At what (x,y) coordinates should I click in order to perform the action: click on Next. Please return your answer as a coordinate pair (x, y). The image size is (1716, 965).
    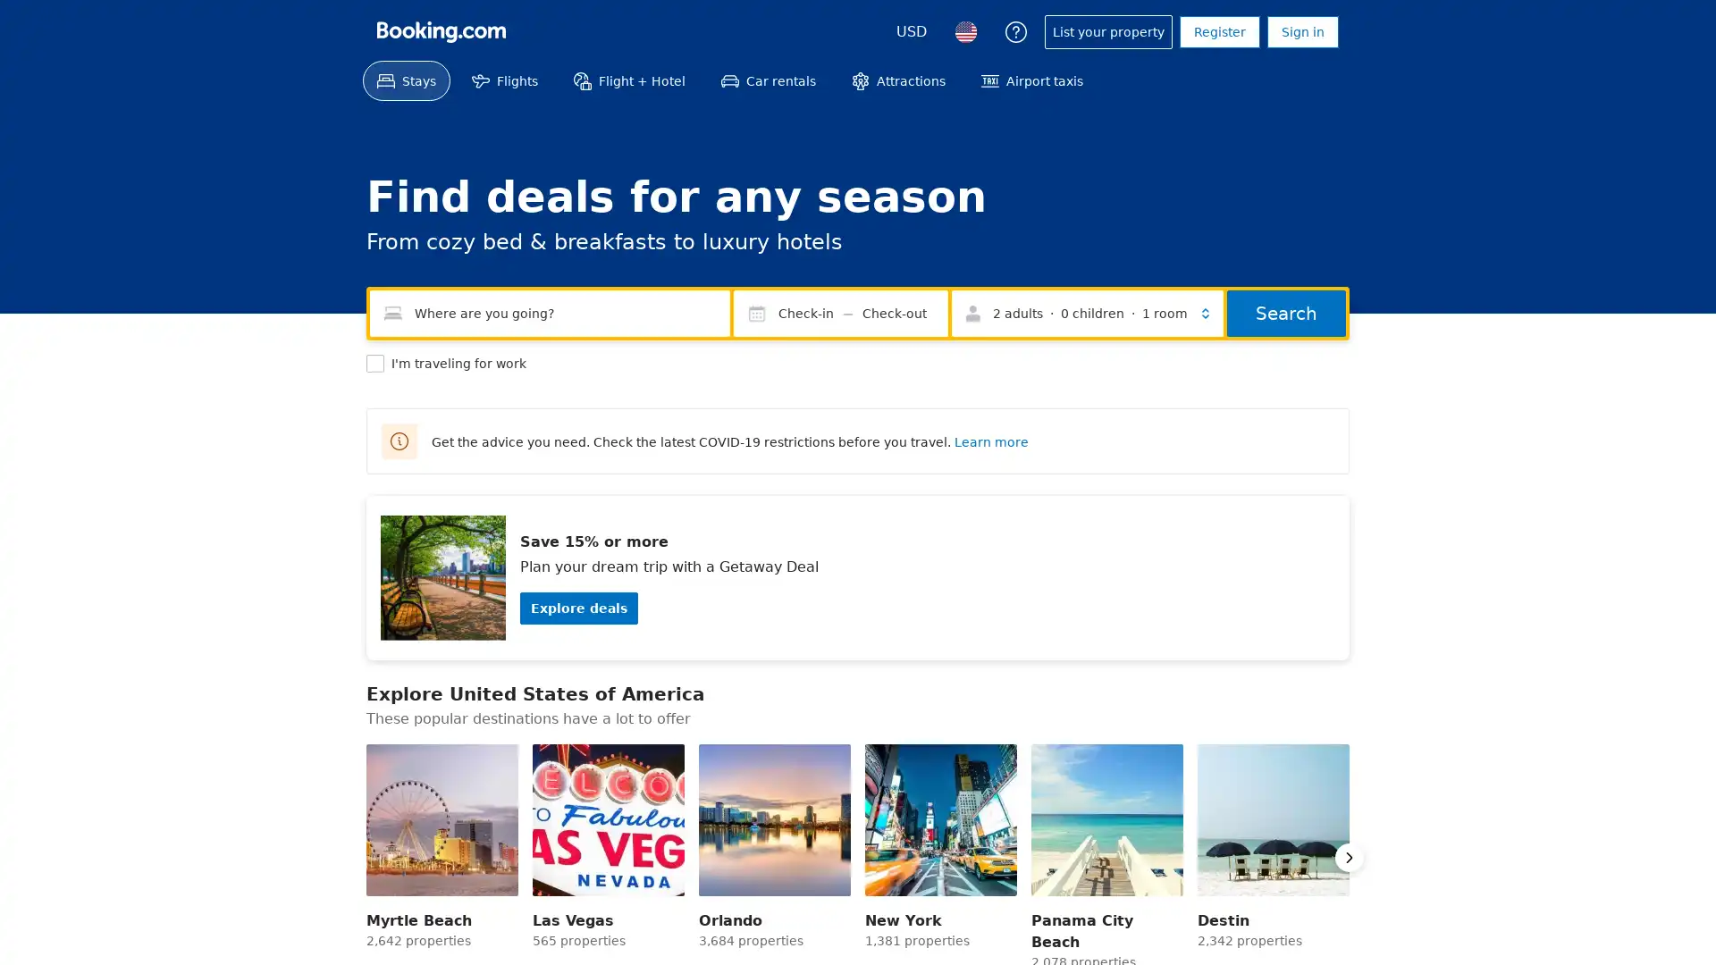
    Looking at the image, I should click on (1350, 857).